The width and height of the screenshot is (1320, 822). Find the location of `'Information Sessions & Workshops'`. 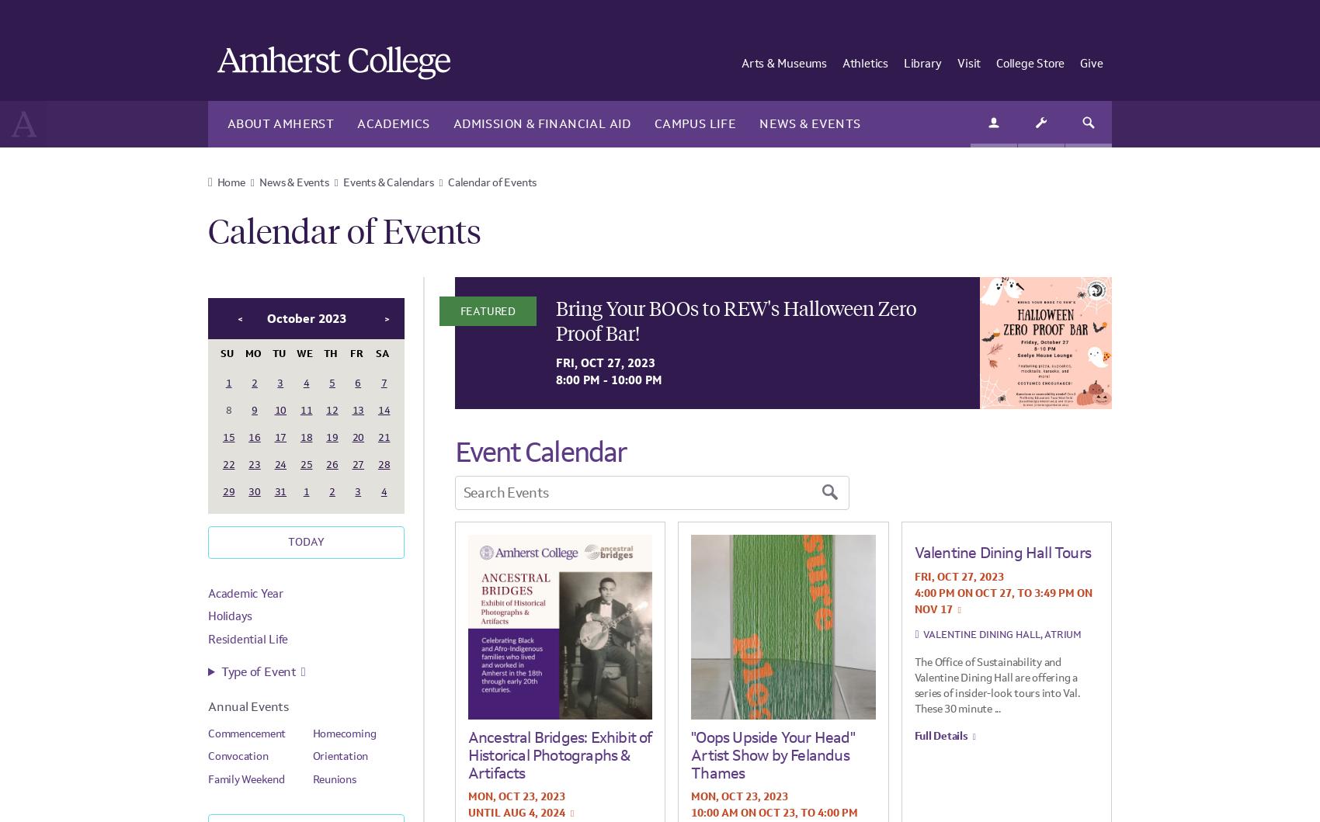

'Information Sessions & Workshops' is located at coordinates (305, 734).